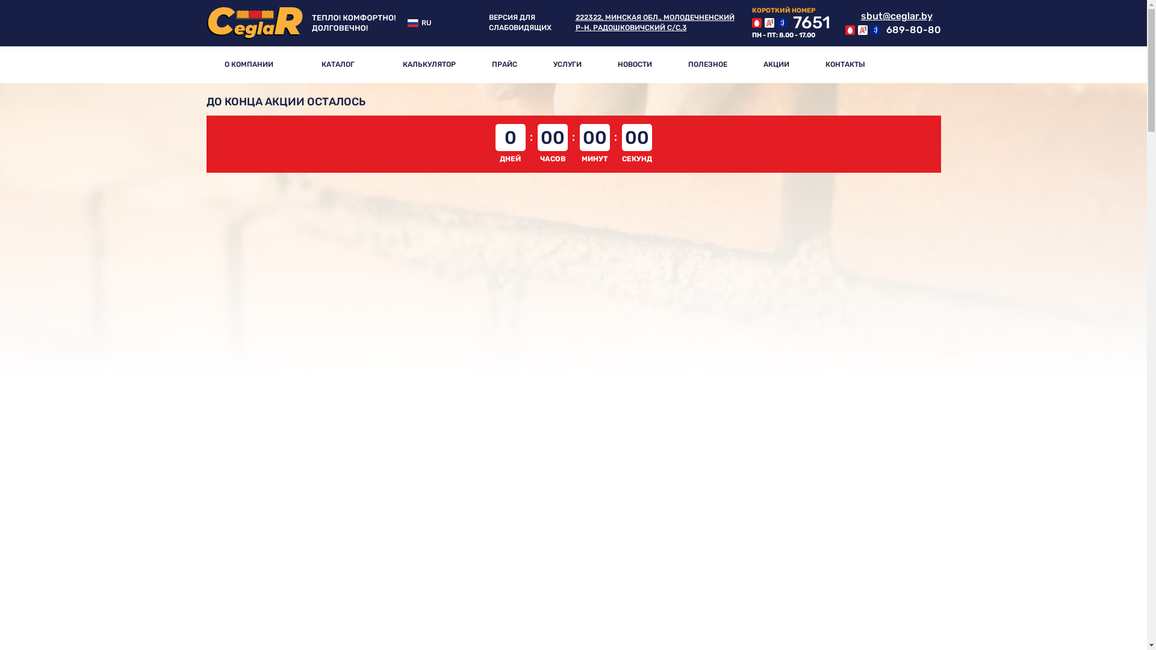  What do you see at coordinates (893, 29) in the screenshot?
I see `'689-80-80'` at bounding box center [893, 29].